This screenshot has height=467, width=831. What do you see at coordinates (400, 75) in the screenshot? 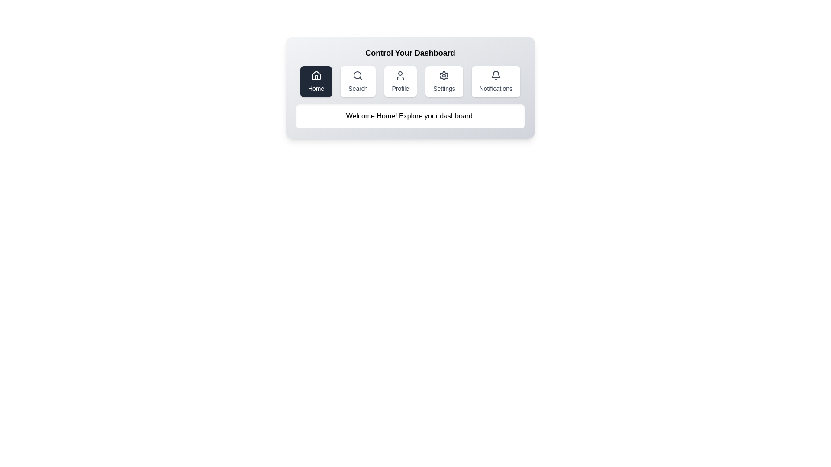
I see `the user silhouette icon within the 'Profile' button` at bounding box center [400, 75].